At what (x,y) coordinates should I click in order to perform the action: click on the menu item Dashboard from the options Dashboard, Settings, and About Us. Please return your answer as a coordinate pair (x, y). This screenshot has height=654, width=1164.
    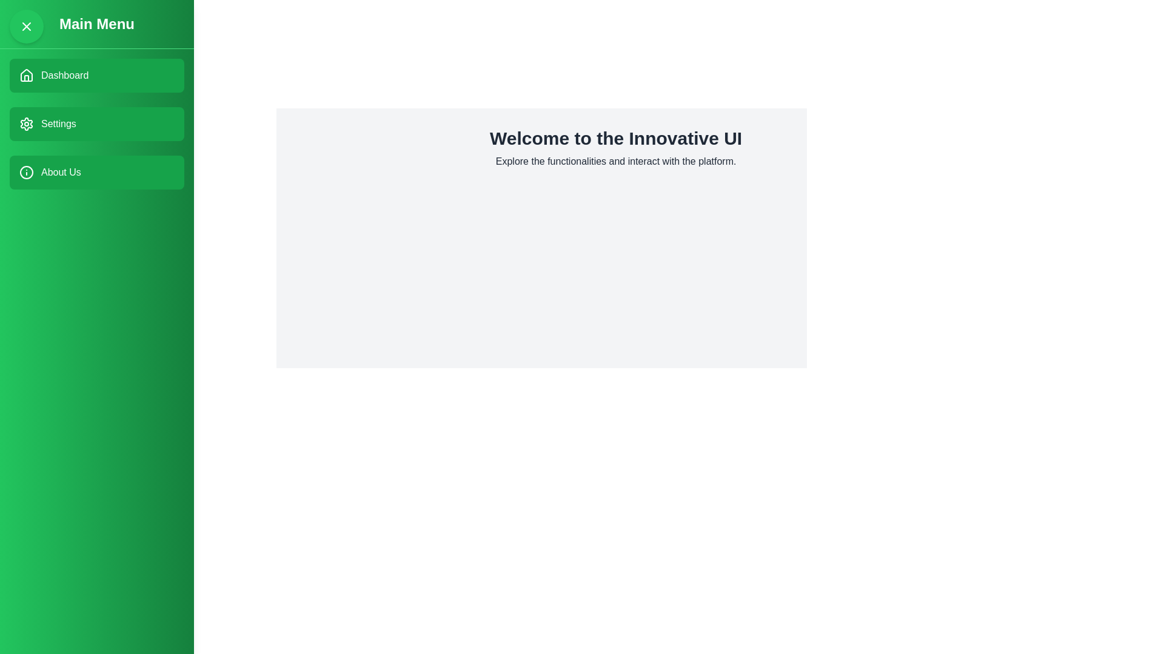
    Looking at the image, I should click on (96, 75).